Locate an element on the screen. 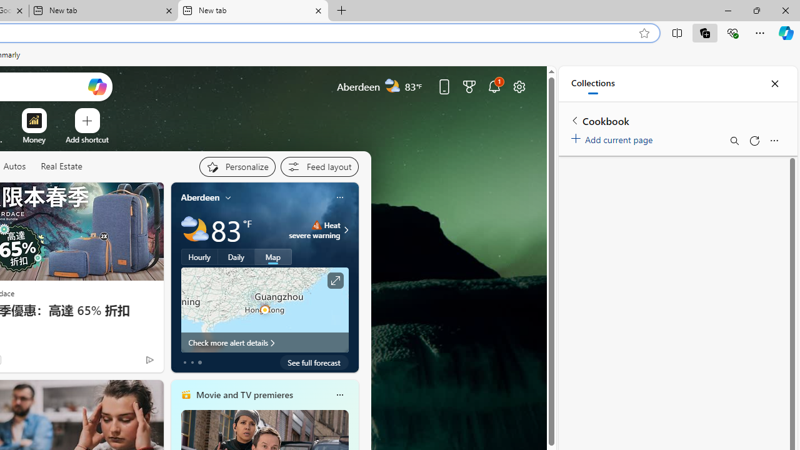  'Personalize your feed"' is located at coordinates (237, 166).